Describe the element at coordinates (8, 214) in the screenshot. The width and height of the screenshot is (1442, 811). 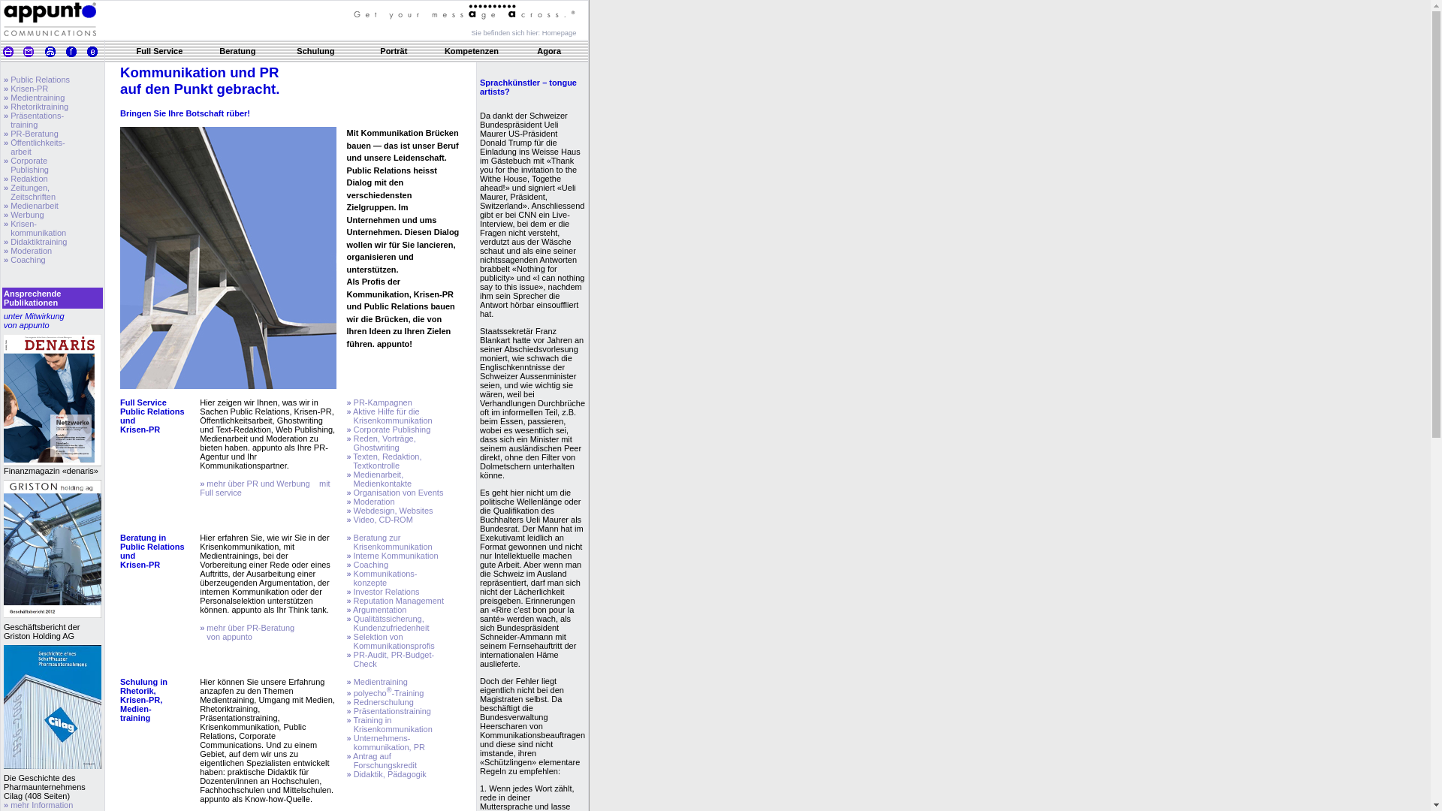
I see `' Werbung'` at that location.